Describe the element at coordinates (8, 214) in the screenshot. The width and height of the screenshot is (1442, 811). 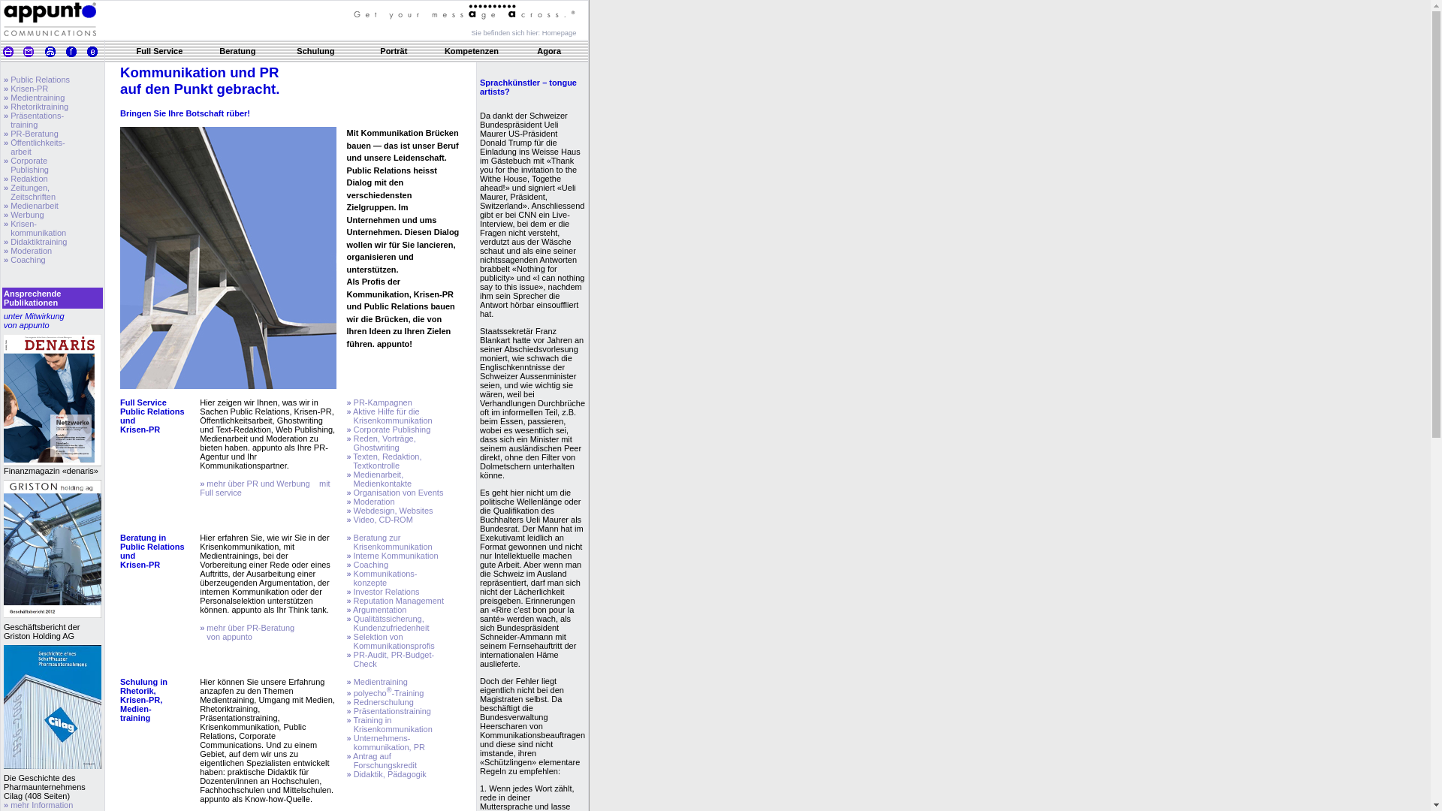
I see `' Werbung'` at that location.